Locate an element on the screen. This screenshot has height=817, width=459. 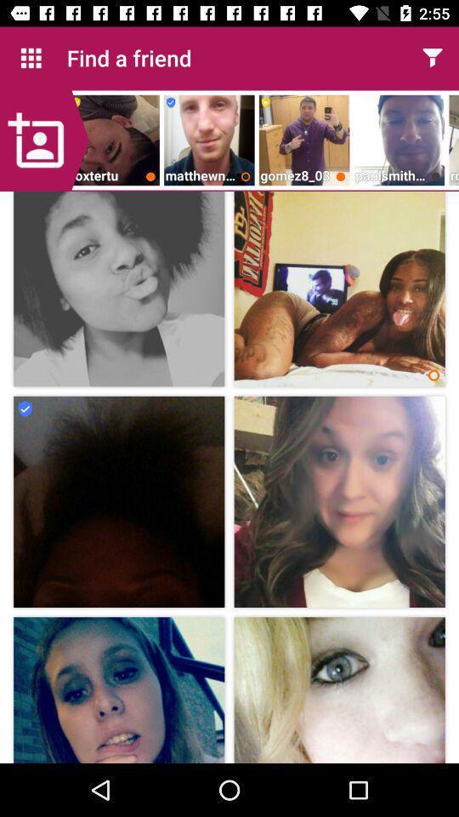
item to the left of the find a friend icon is located at coordinates (31, 58).